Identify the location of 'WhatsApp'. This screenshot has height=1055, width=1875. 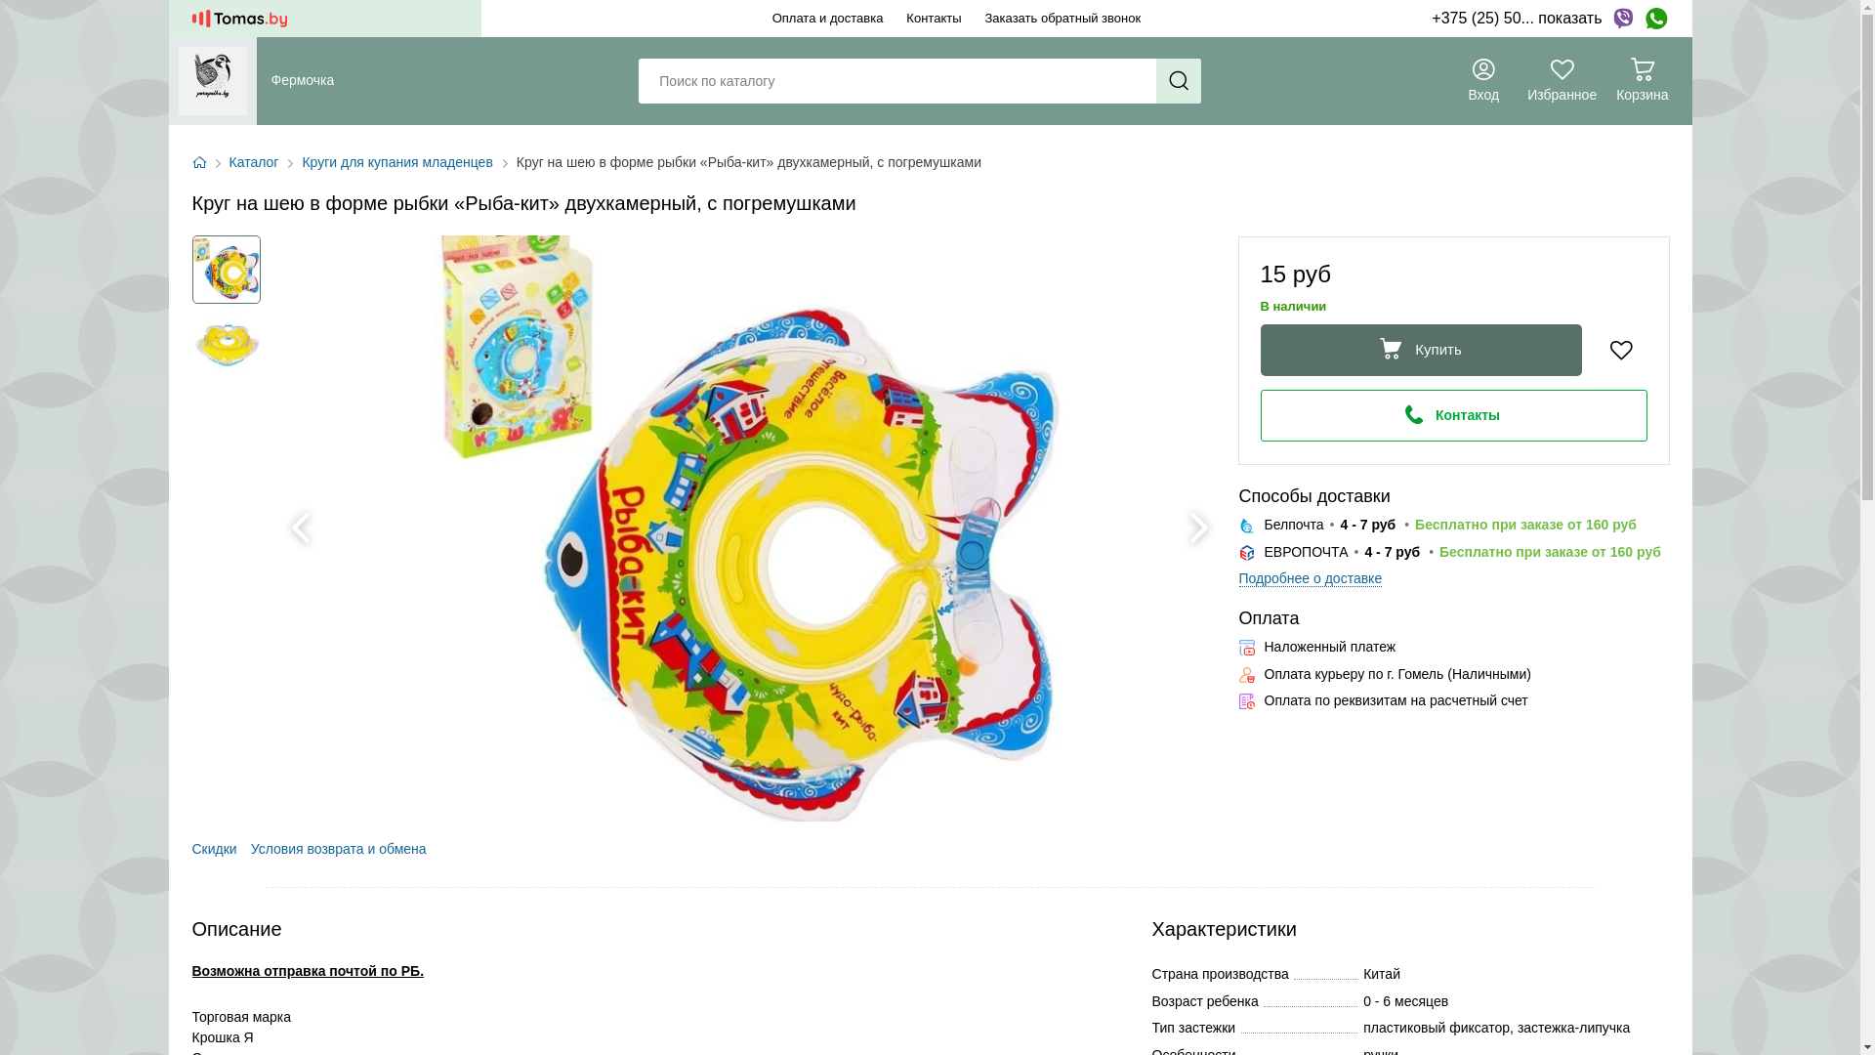
(1654, 19).